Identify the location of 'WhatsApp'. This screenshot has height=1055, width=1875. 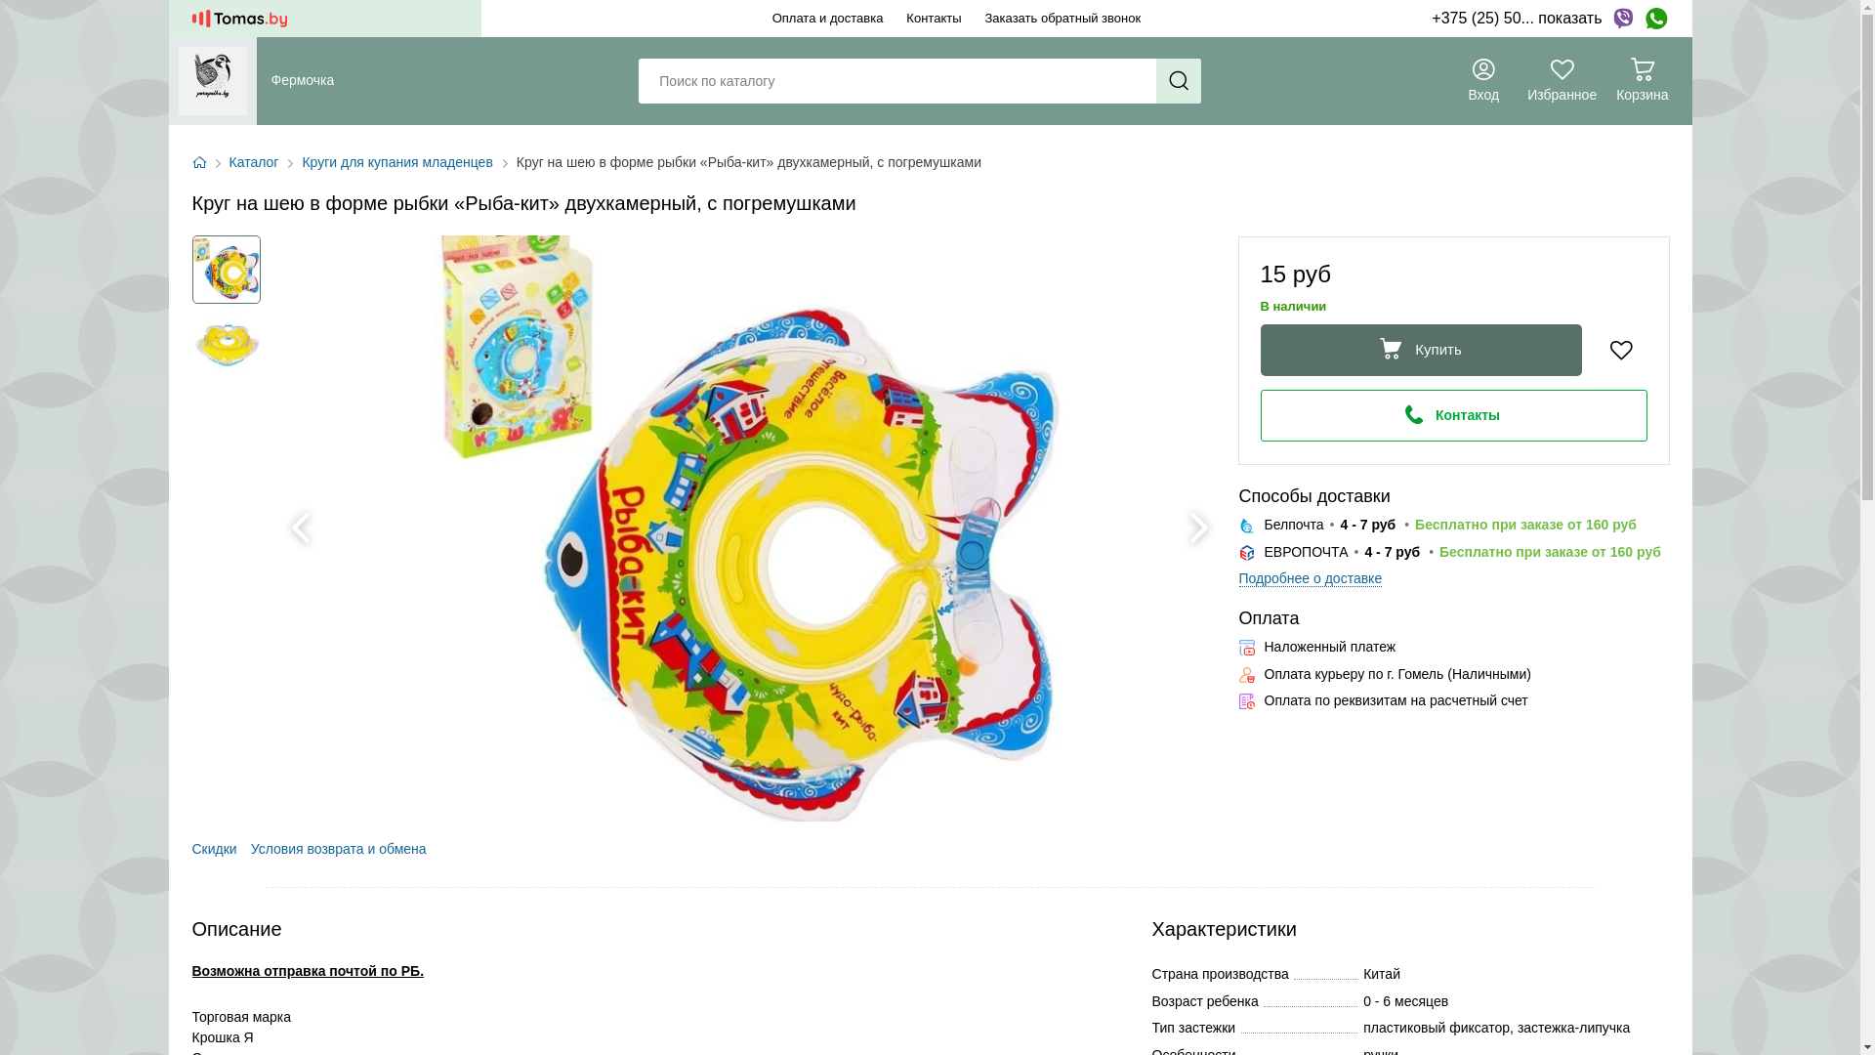
(1654, 19).